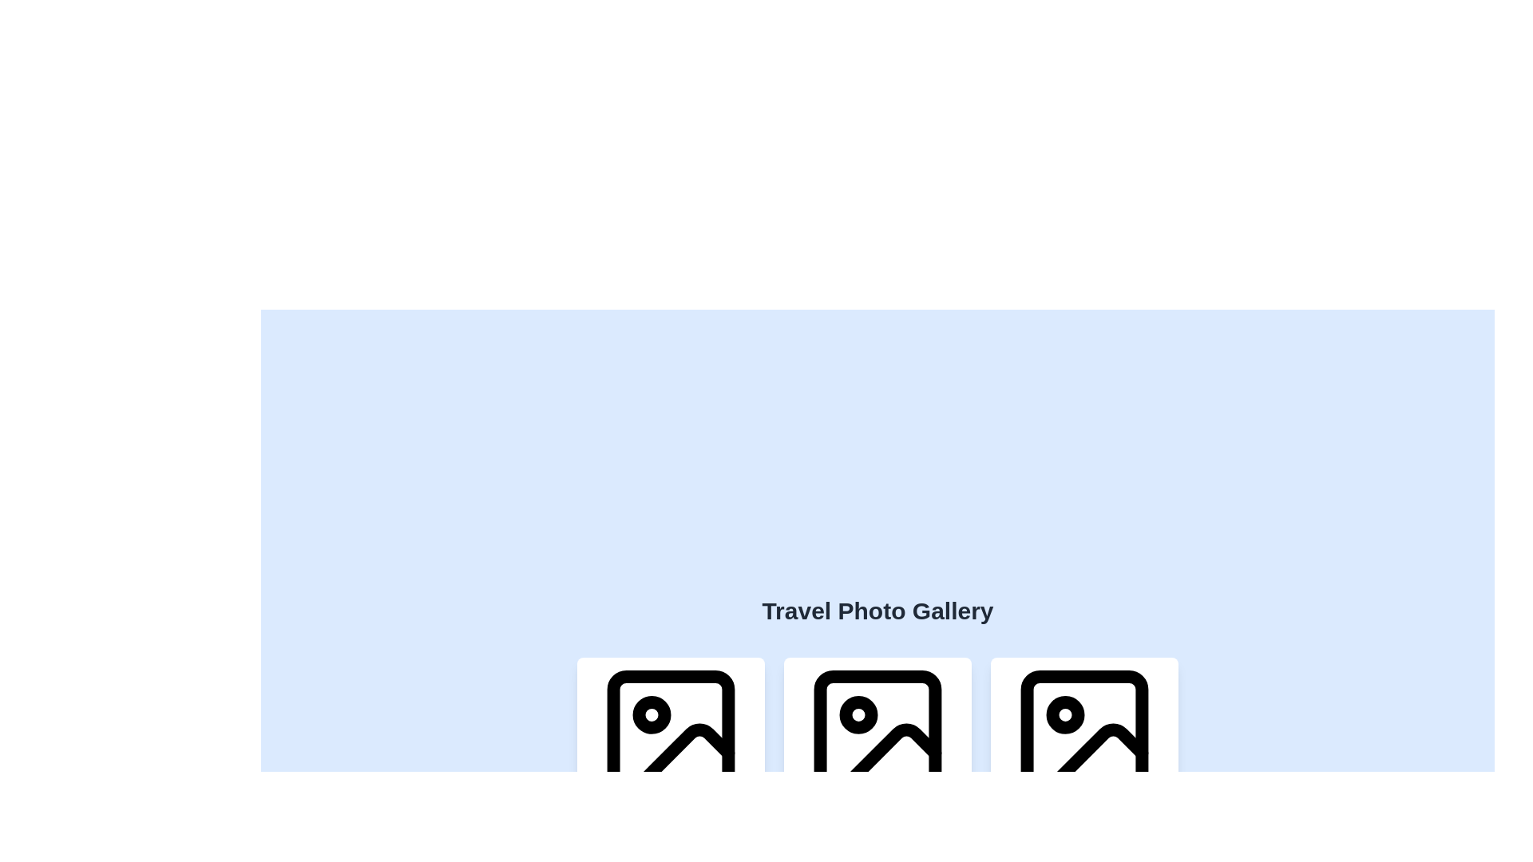  What do you see at coordinates (877, 611) in the screenshot?
I see `header text indicating 'Travel Photo Gallery', which is positioned at the vertical center of the top section of the photo gallery interface` at bounding box center [877, 611].